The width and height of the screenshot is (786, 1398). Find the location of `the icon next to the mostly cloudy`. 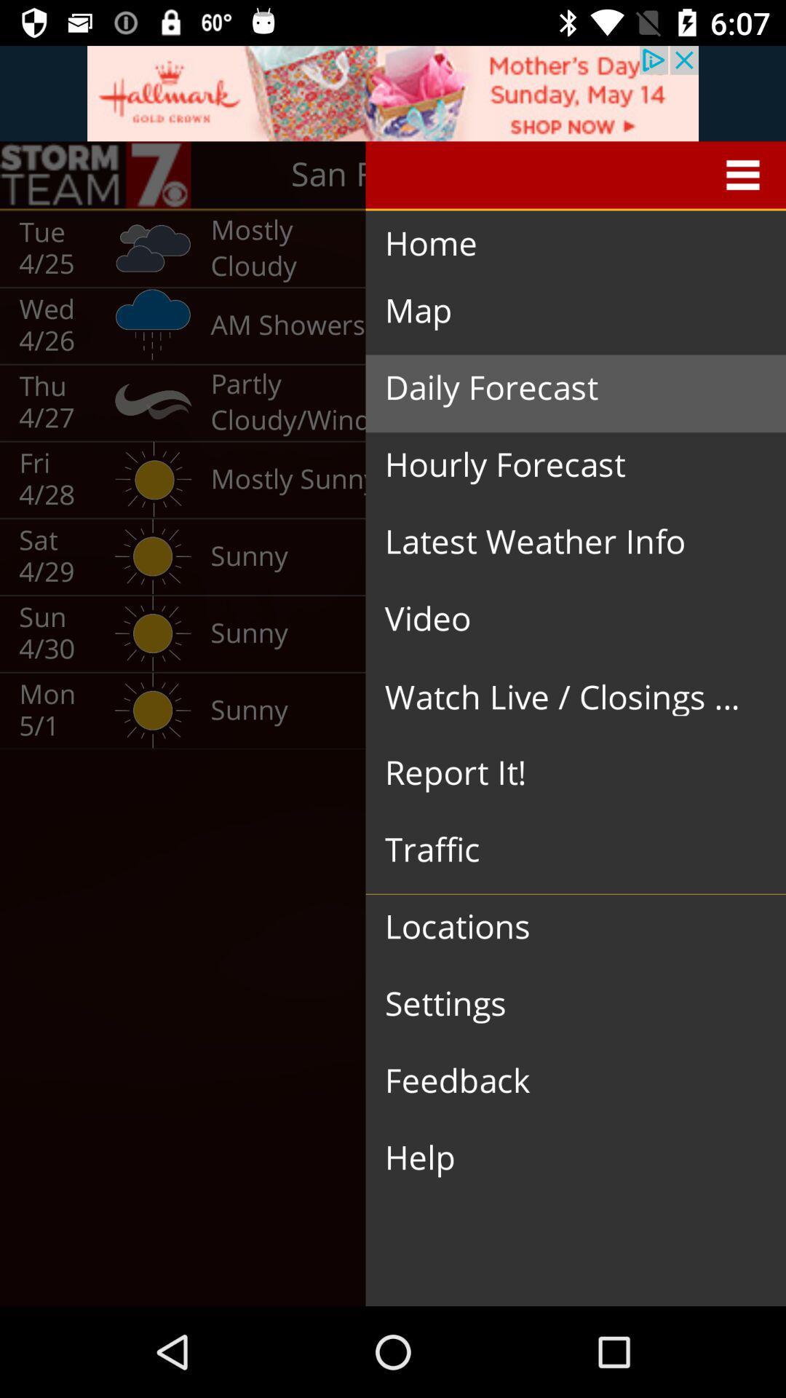

the icon next to the mostly cloudy is located at coordinates (560, 244).